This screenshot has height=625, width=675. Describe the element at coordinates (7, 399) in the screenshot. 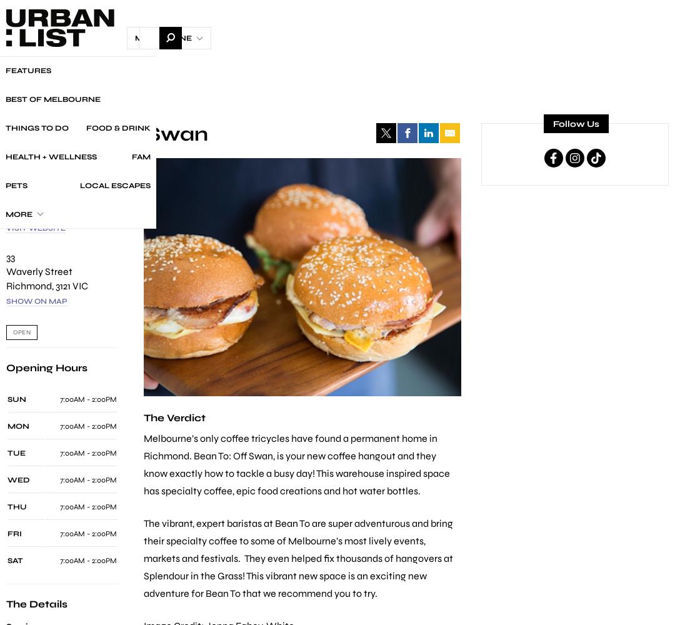

I see `'SUN'` at that location.